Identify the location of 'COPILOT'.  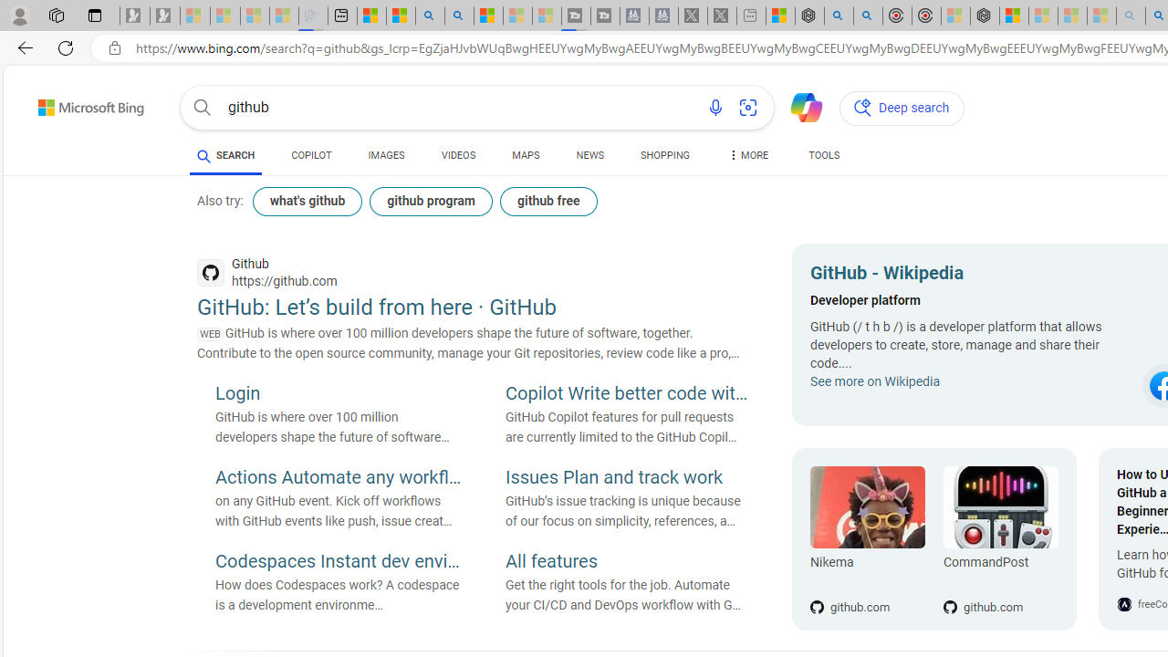
(311, 155).